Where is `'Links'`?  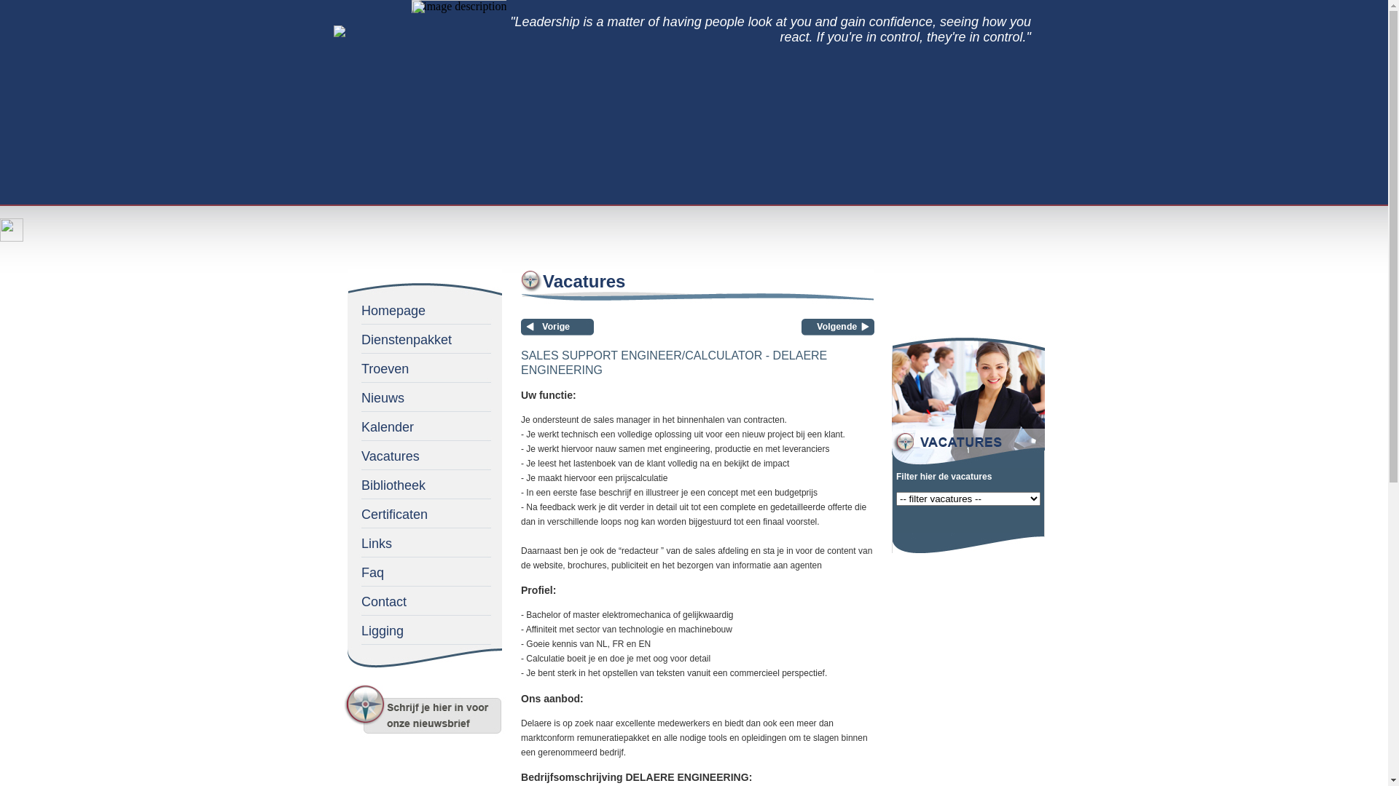
'Links' is located at coordinates (423, 540).